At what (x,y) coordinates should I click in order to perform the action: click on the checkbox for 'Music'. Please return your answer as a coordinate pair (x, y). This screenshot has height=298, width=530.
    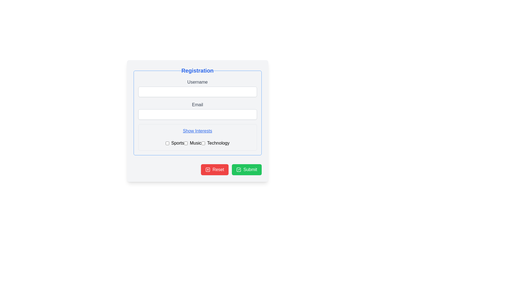
    Looking at the image, I should click on (186, 143).